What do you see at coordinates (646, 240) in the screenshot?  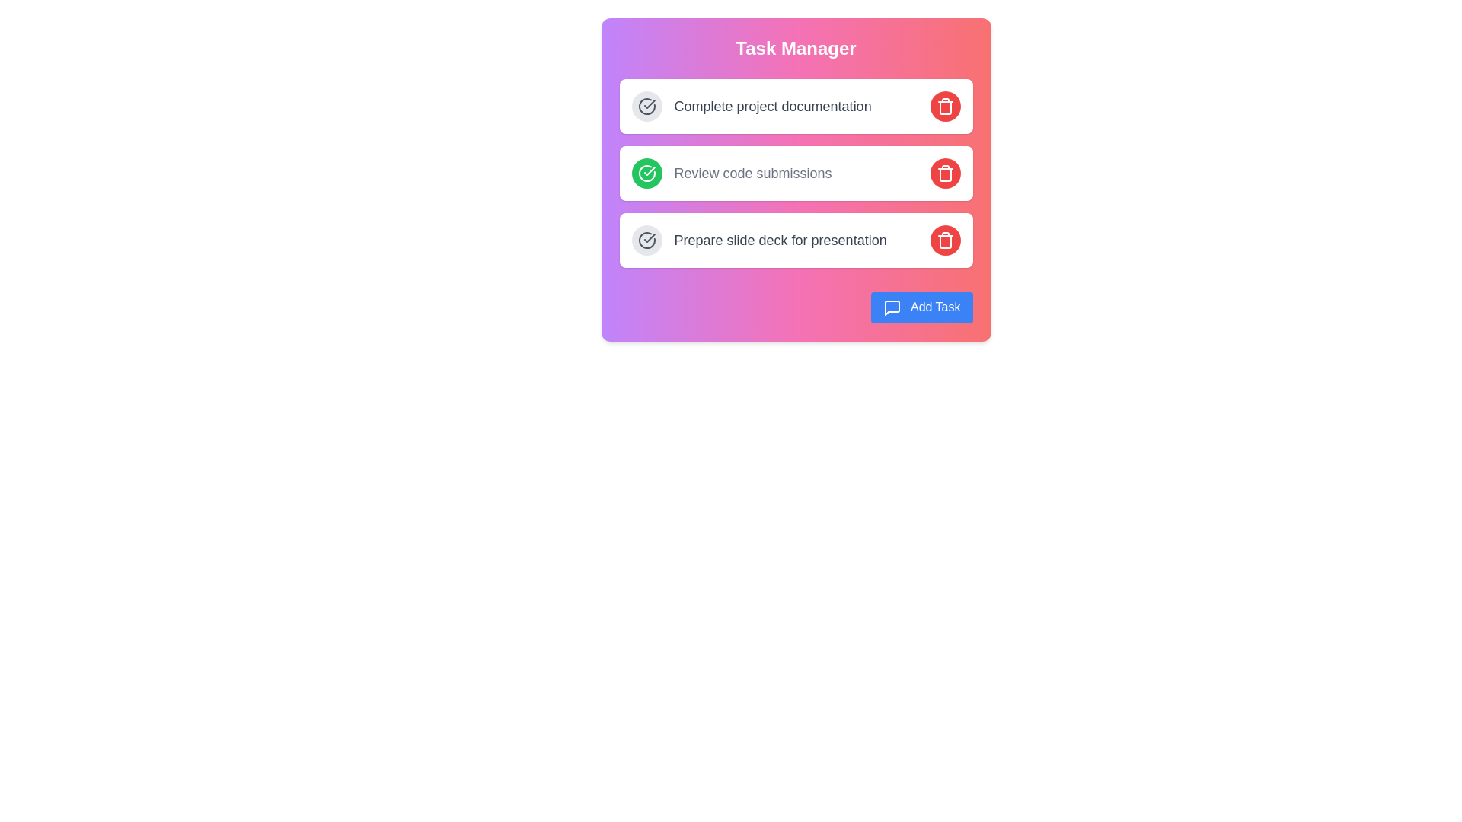 I see `the toggle button styled as a status icon indicating the task's completion state for the 'Prepare slide deck for presentation' task` at bounding box center [646, 240].